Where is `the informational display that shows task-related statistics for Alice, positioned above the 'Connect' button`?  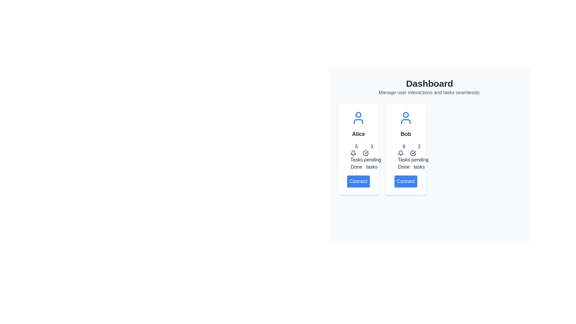
the informational display that shows task-related statistics for Alice, positioned above the 'Connect' button is located at coordinates (358, 157).